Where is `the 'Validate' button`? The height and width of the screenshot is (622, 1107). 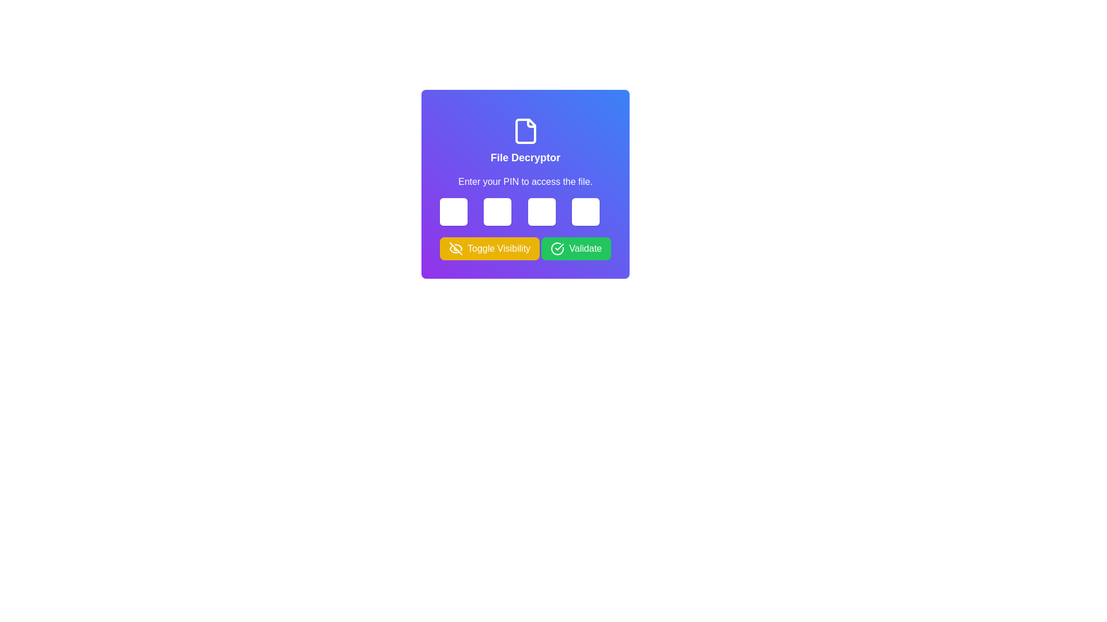
the 'Validate' button is located at coordinates (576, 248).